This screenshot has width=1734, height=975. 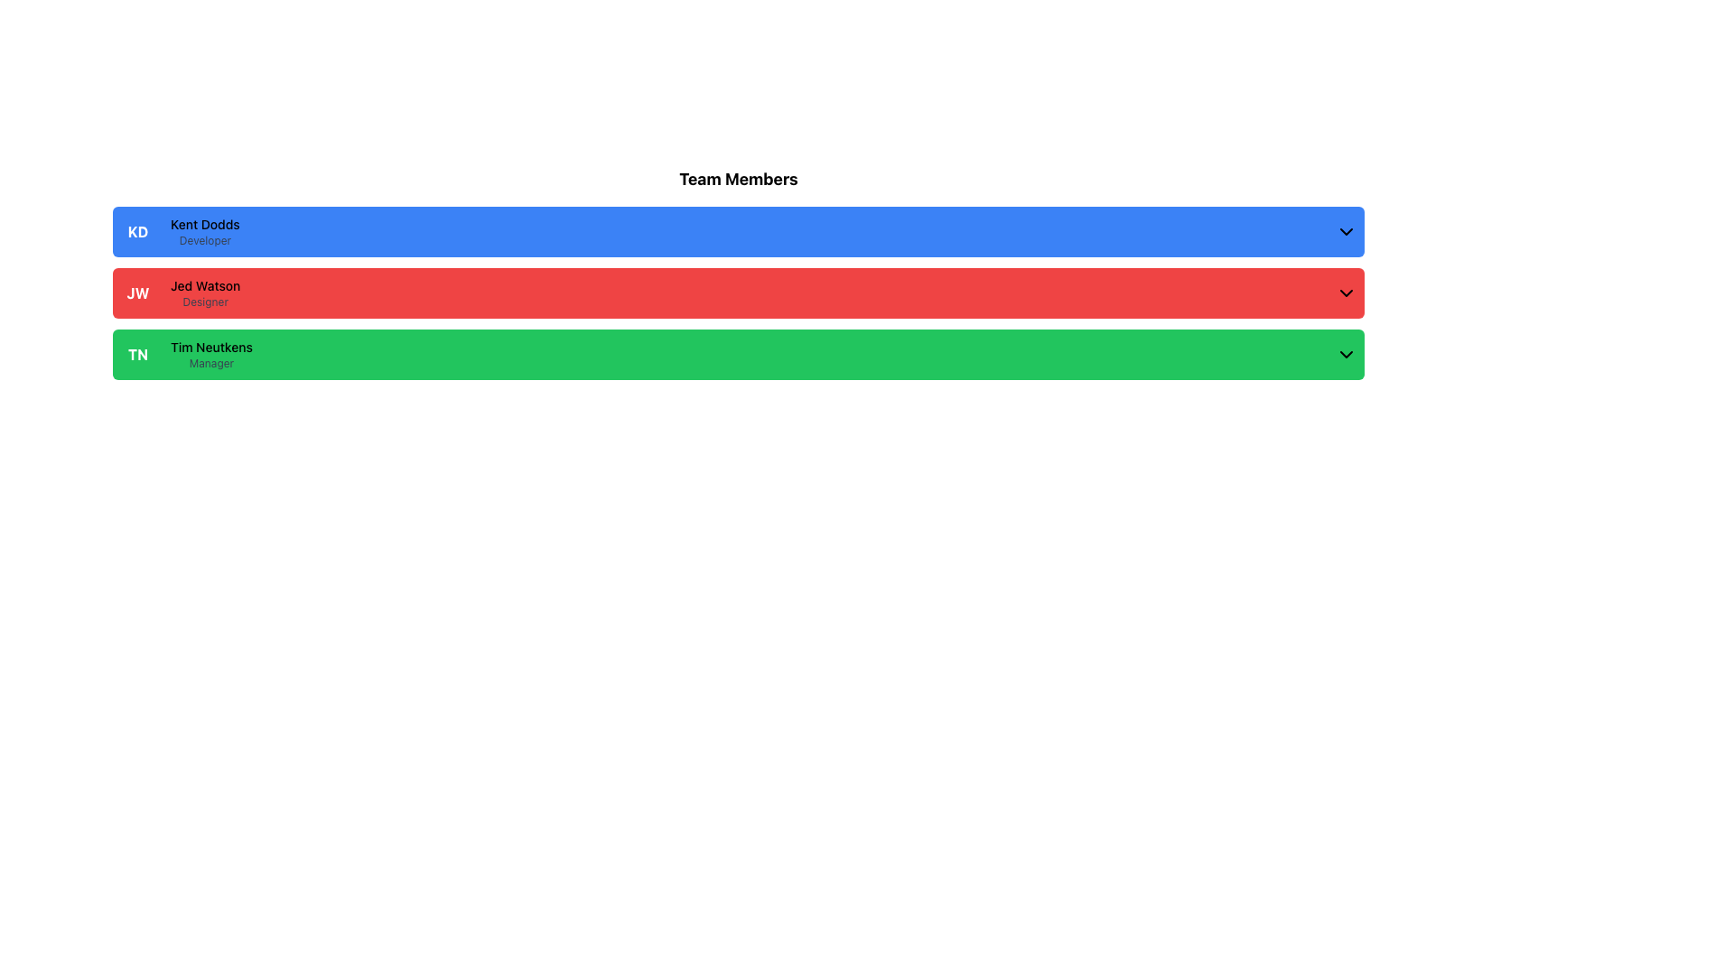 What do you see at coordinates (211, 355) in the screenshot?
I see `text content of the name 'Tim Neutkens' and title 'Manager' displayed in bold and grayed-out fonts respectively, which is centrally aligned within a green rectangular area` at bounding box center [211, 355].